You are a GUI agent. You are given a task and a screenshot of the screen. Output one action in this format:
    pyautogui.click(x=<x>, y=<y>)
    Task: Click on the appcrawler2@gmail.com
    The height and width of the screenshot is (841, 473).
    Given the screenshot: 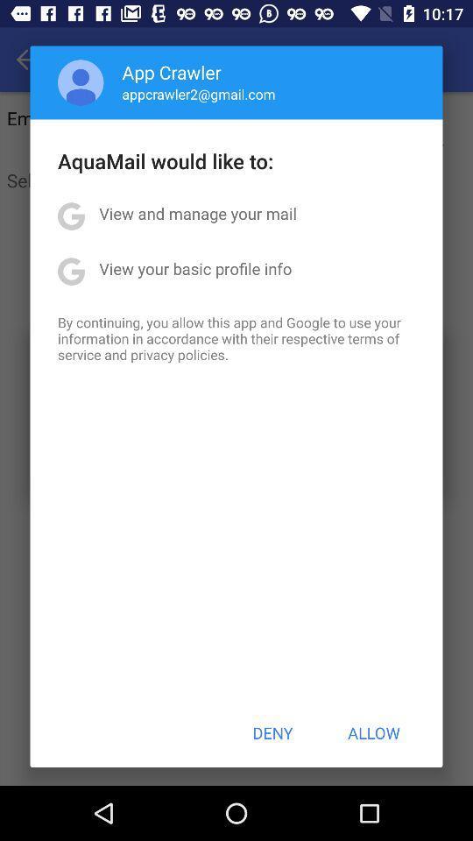 What is the action you would take?
    pyautogui.click(x=198, y=94)
    